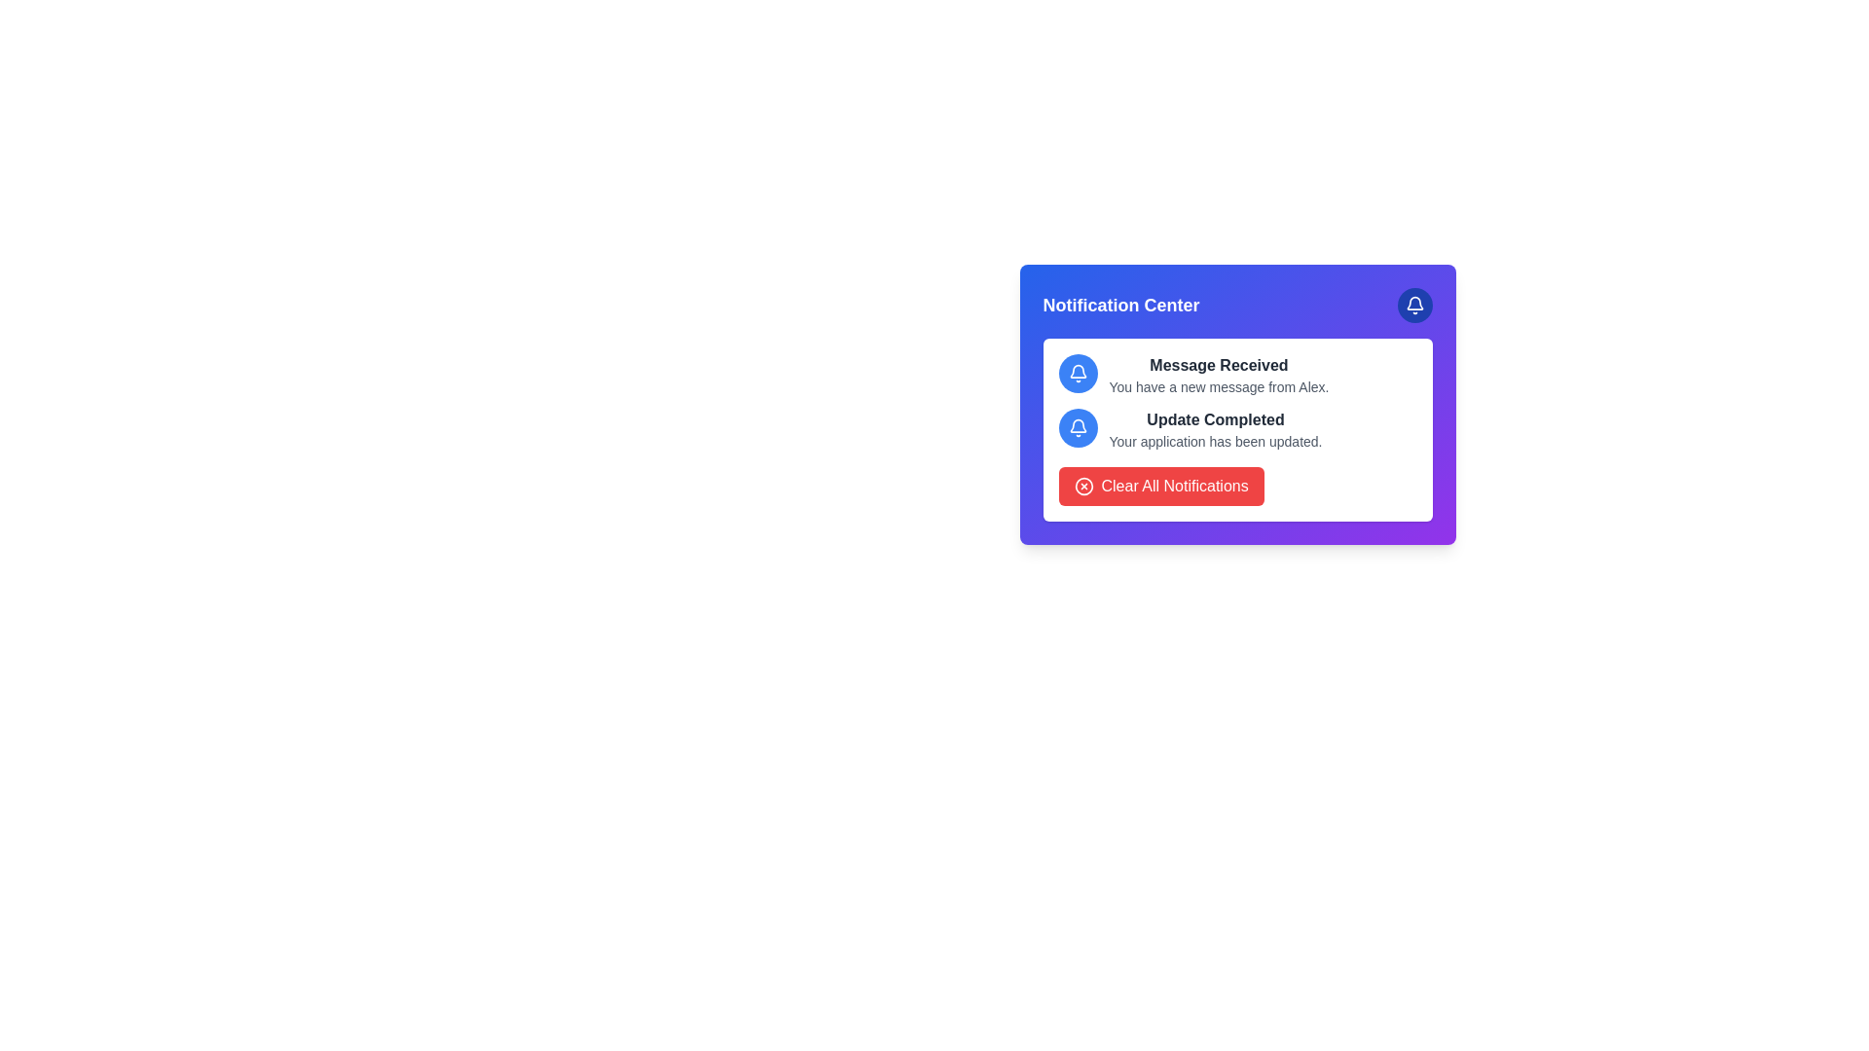  Describe the element at coordinates (1174, 486) in the screenshot. I see `the vibrant red button located at the bottom-right corner of the notification panel to clear all notifications` at that location.